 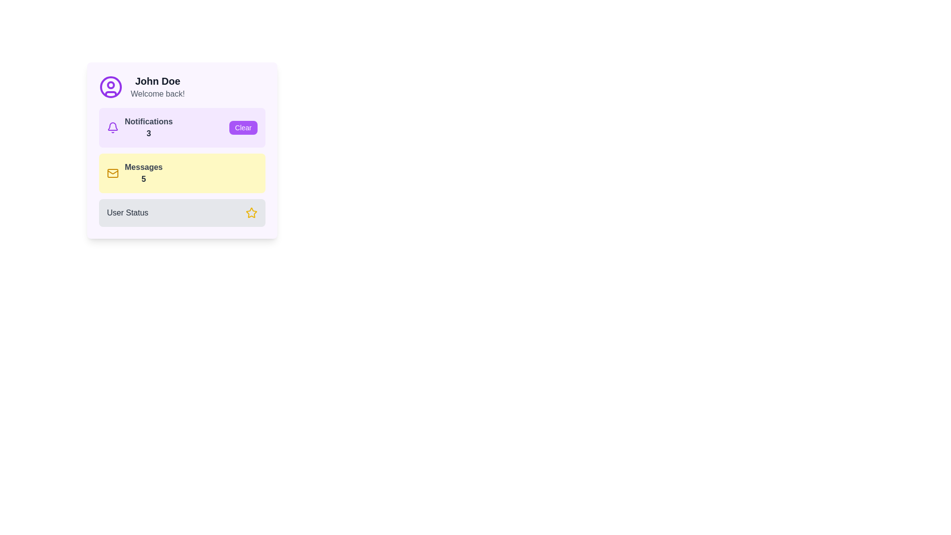 I want to click on the envelope-shaped icon with a hollow outline, which is yellow and located within the 'Messages' section of the card-like layout, so click(x=112, y=173).